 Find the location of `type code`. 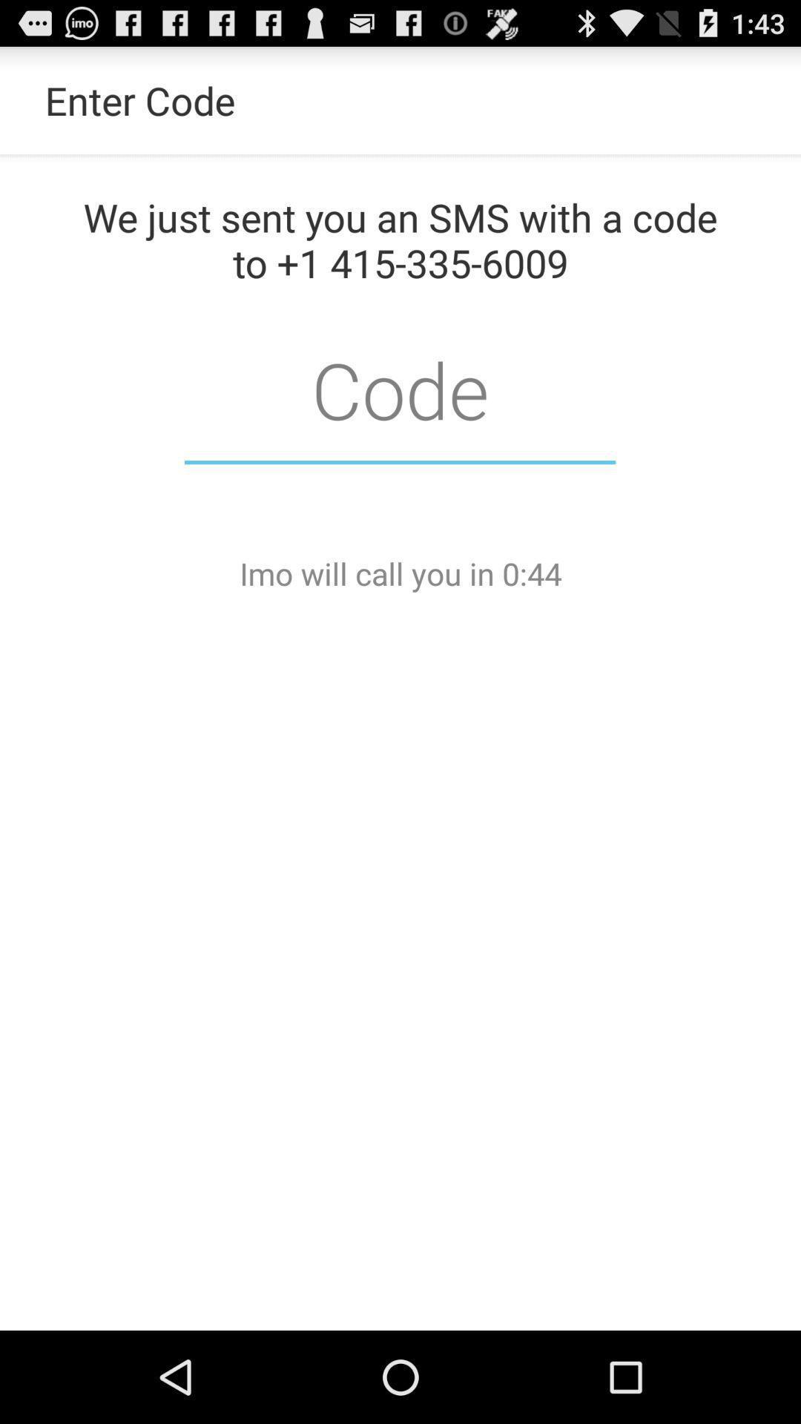

type code is located at coordinates (399, 389).